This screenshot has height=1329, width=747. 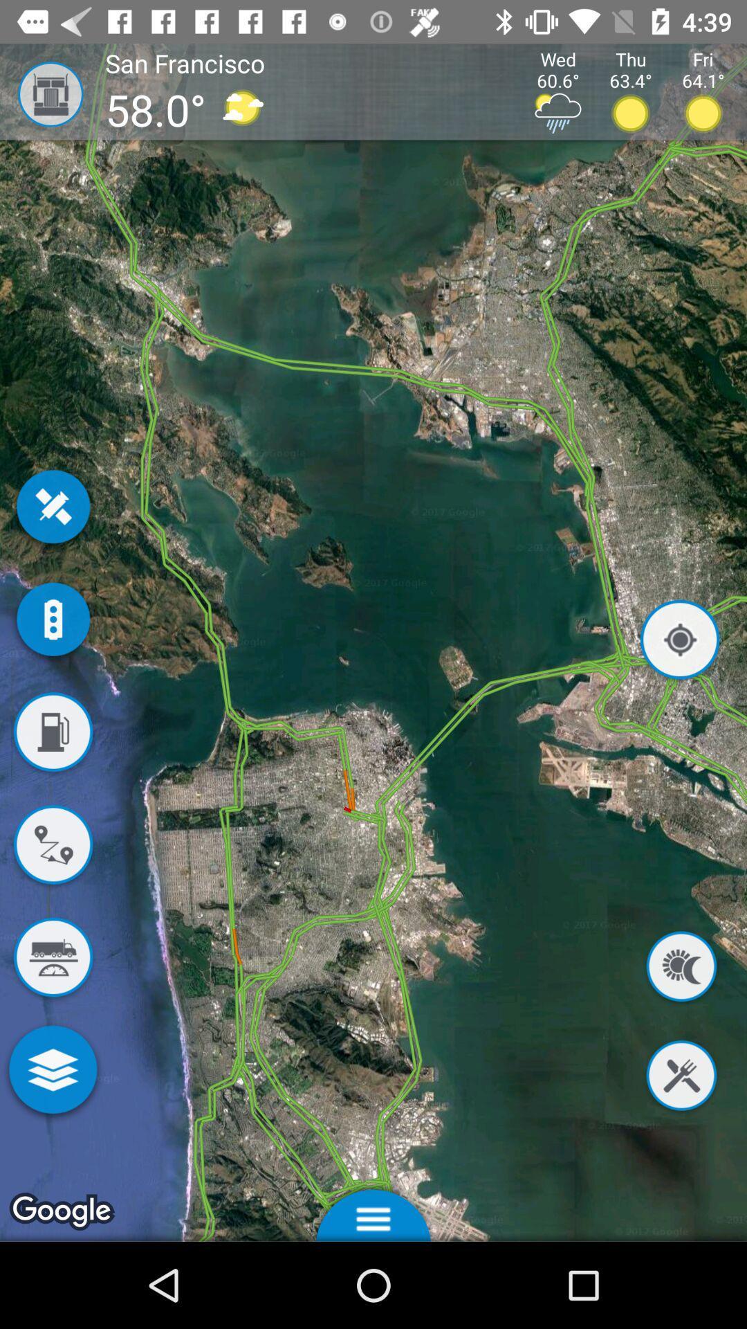 What do you see at coordinates (681, 1077) in the screenshot?
I see `the close icon` at bounding box center [681, 1077].